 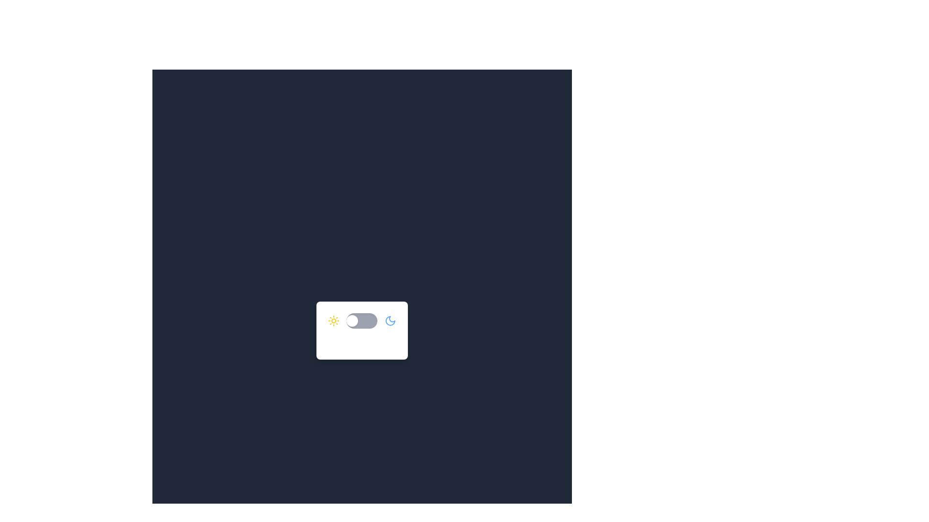 What do you see at coordinates (390, 320) in the screenshot?
I see `the crescent moon icon, which is styled in blue and serves as part of the light/dark mode toggle interface, located to the right of the toggle switch` at bounding box center [390, 320].